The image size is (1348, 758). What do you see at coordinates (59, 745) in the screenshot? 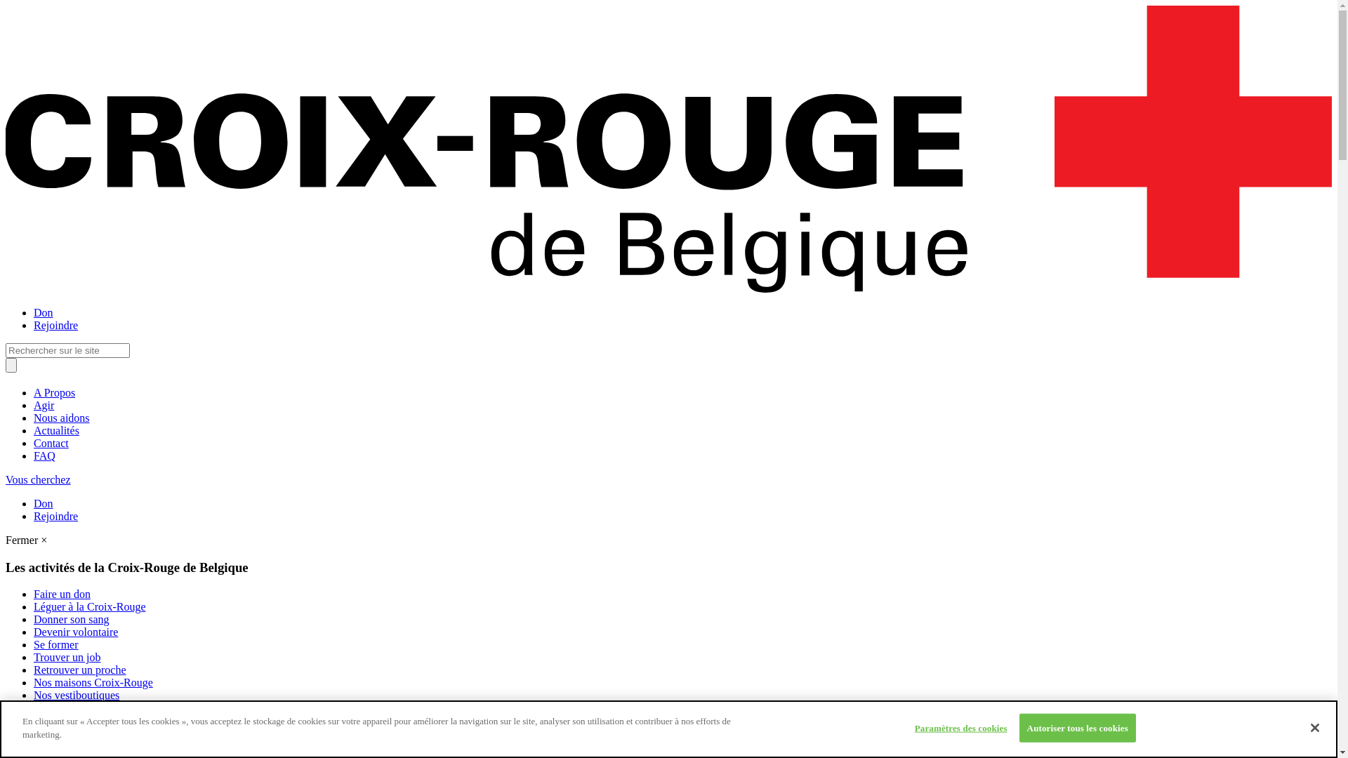
I see `'La jeunesse'` at bounding box center [59, 745].